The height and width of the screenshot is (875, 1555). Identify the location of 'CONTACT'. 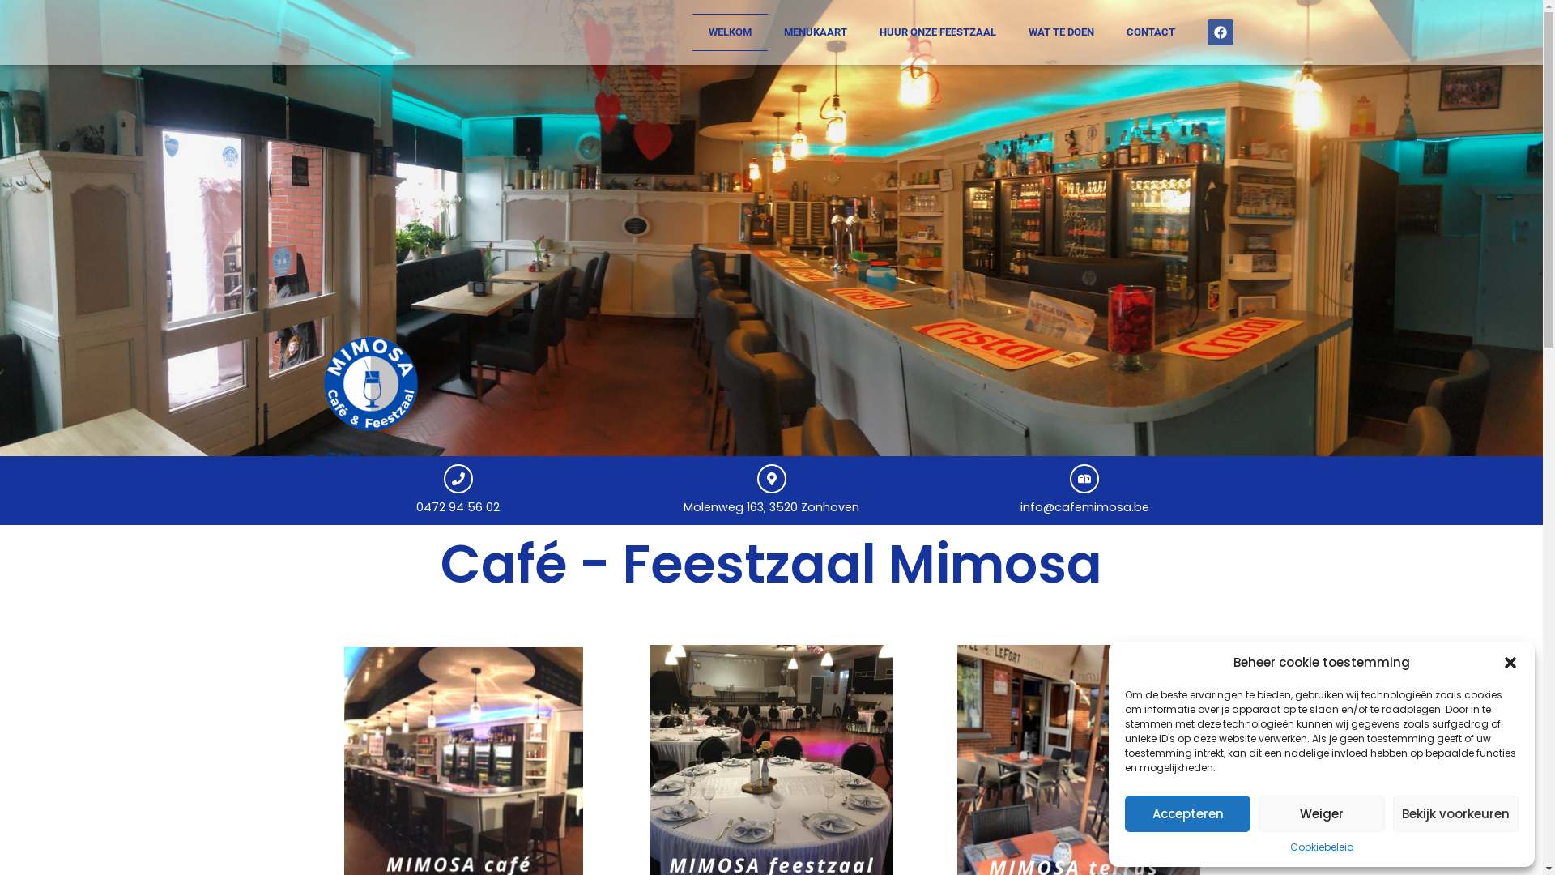
(1149, 32).